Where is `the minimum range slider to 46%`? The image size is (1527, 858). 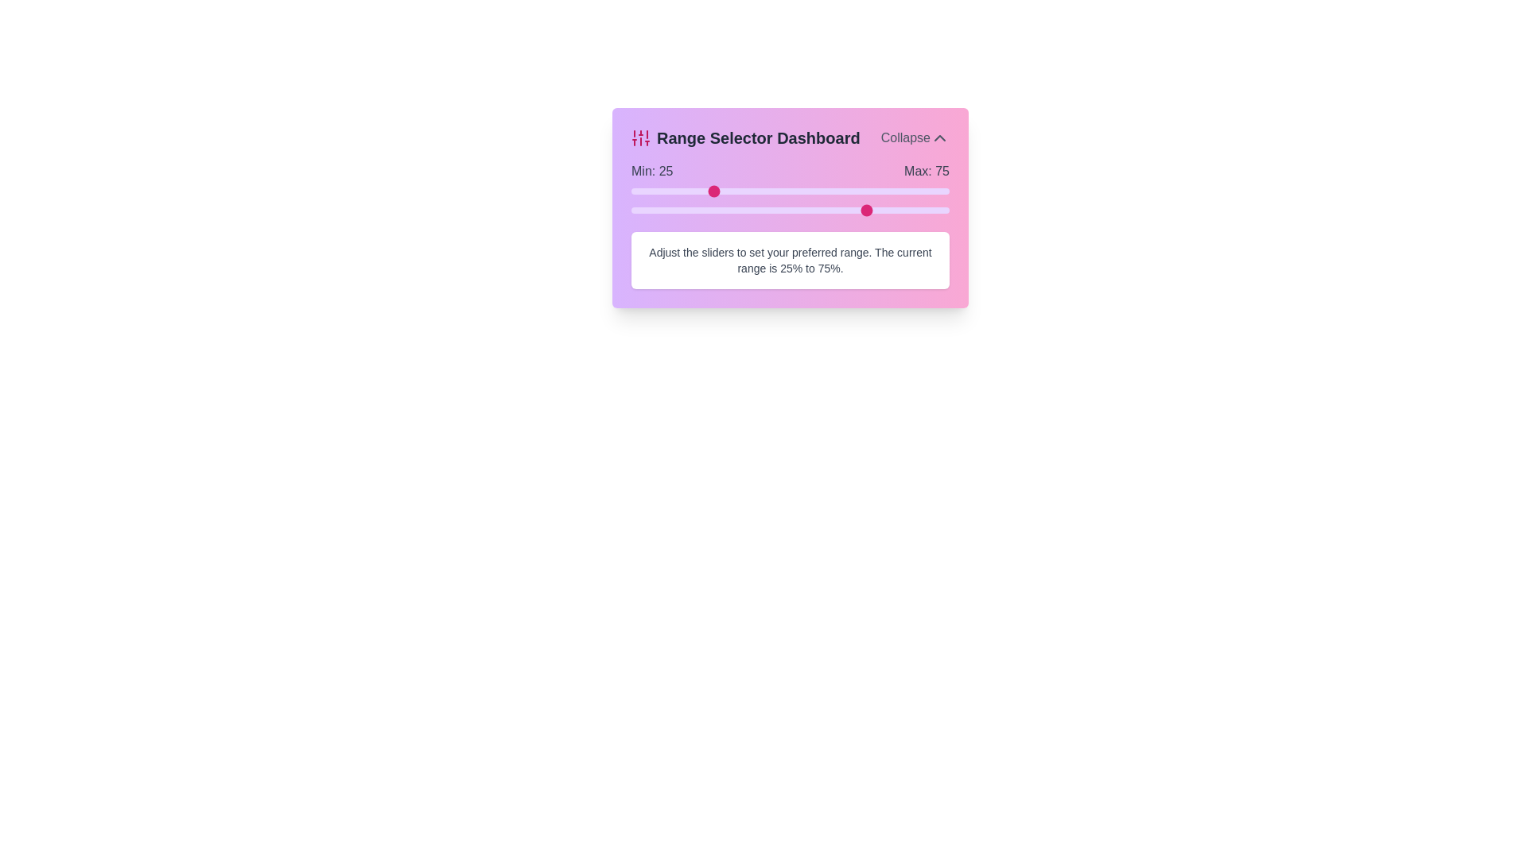
the minimum range slider to 46% is located at coordinates (778, 190).